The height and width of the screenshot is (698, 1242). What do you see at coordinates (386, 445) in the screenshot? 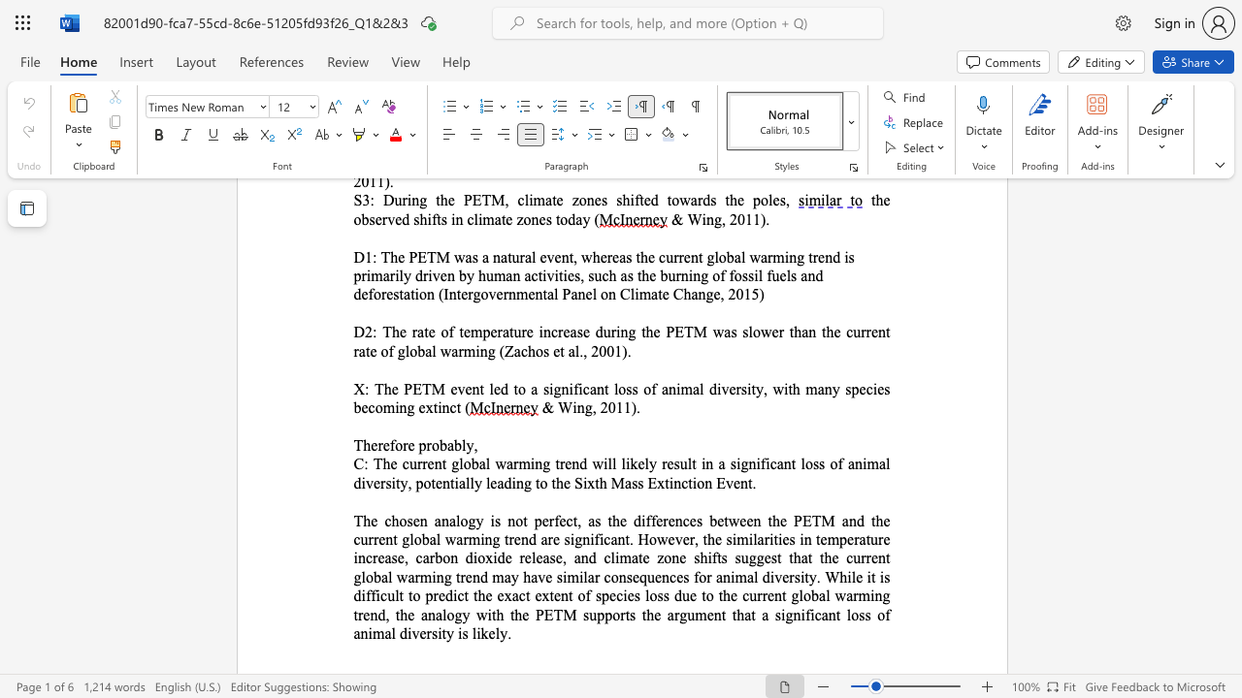
I see `the 2th character "e" in the text` at bounding box center [386, 445].